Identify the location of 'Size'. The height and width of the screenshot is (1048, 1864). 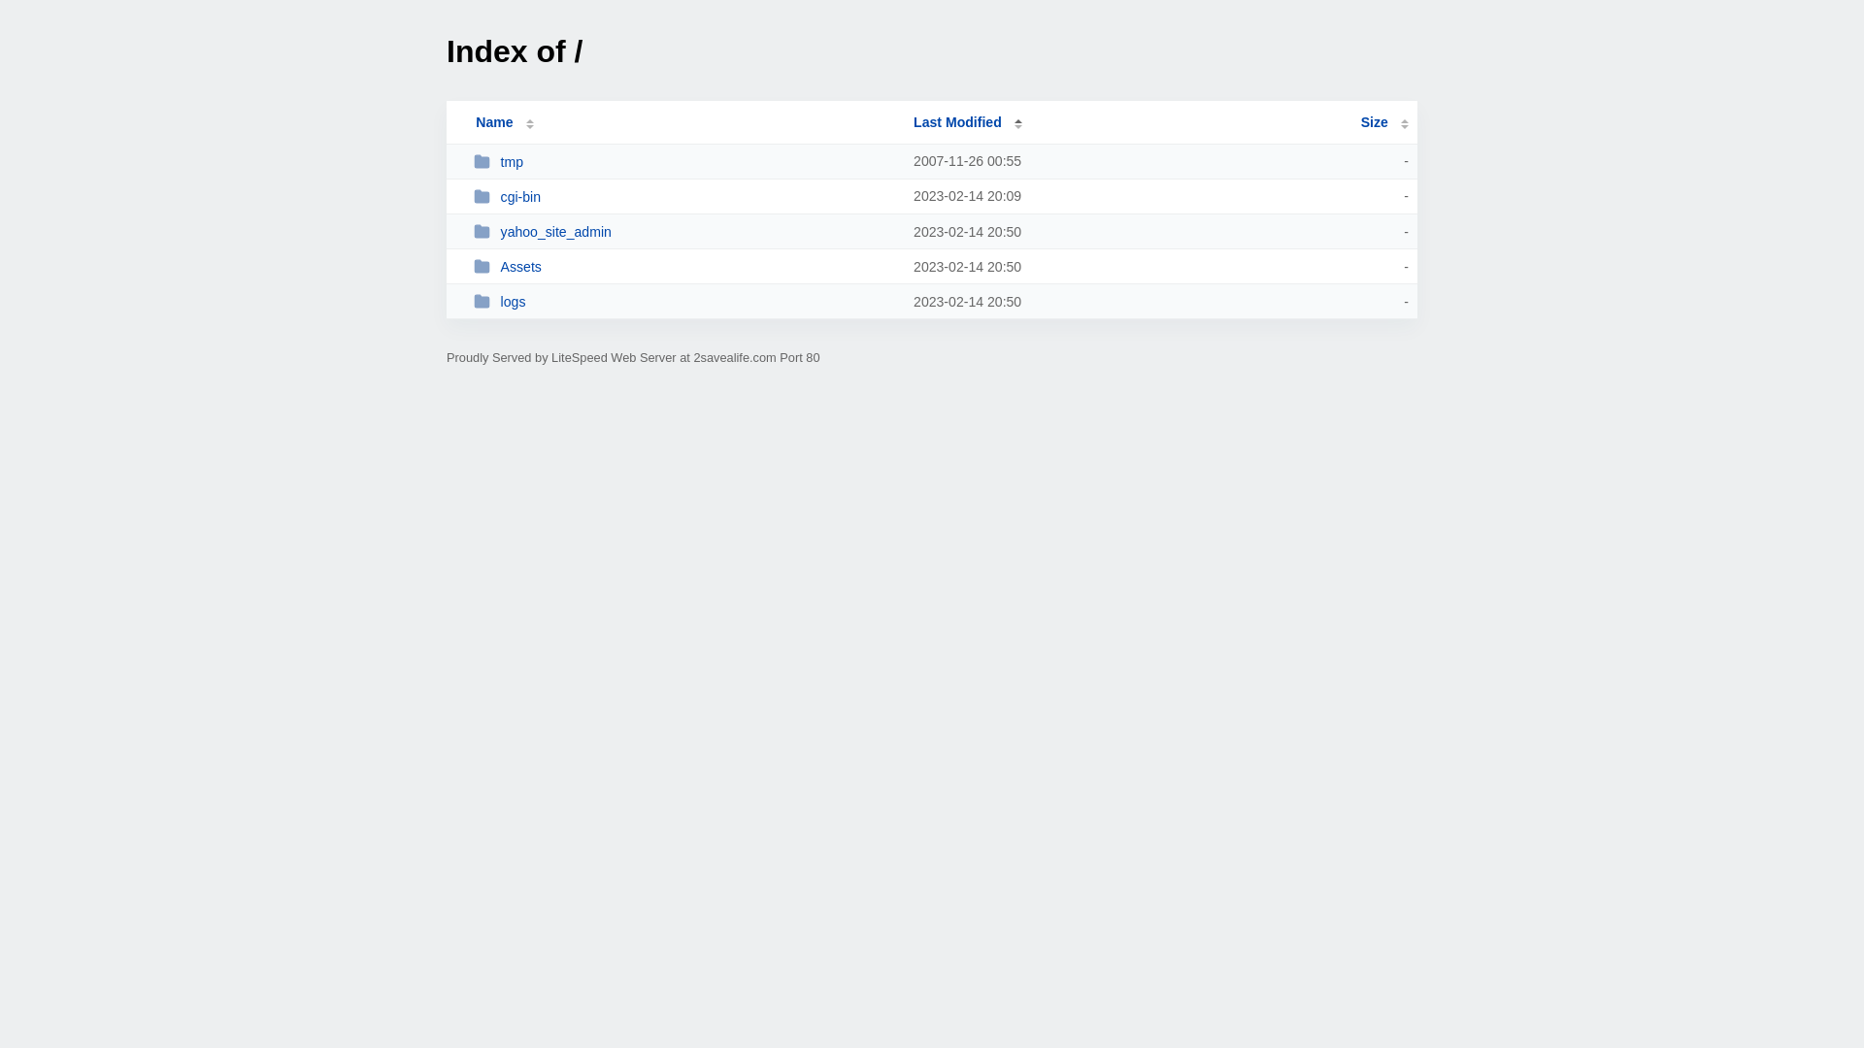
(1383, 122).